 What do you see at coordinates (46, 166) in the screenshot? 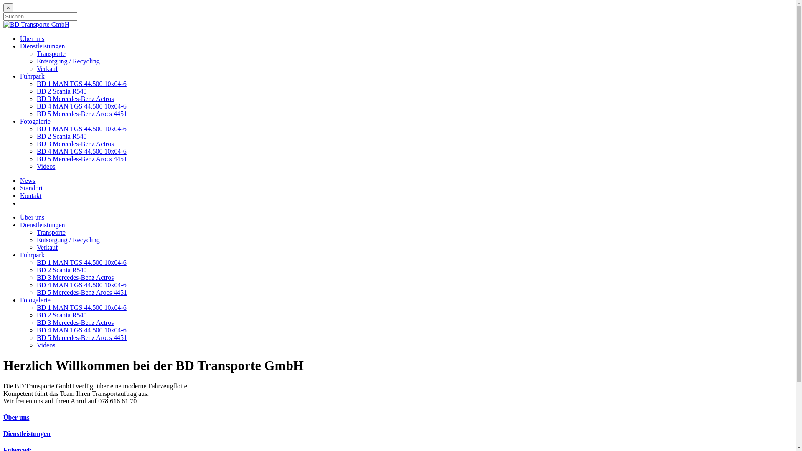
I see `'Videos'` at bounding box center [46, 166].